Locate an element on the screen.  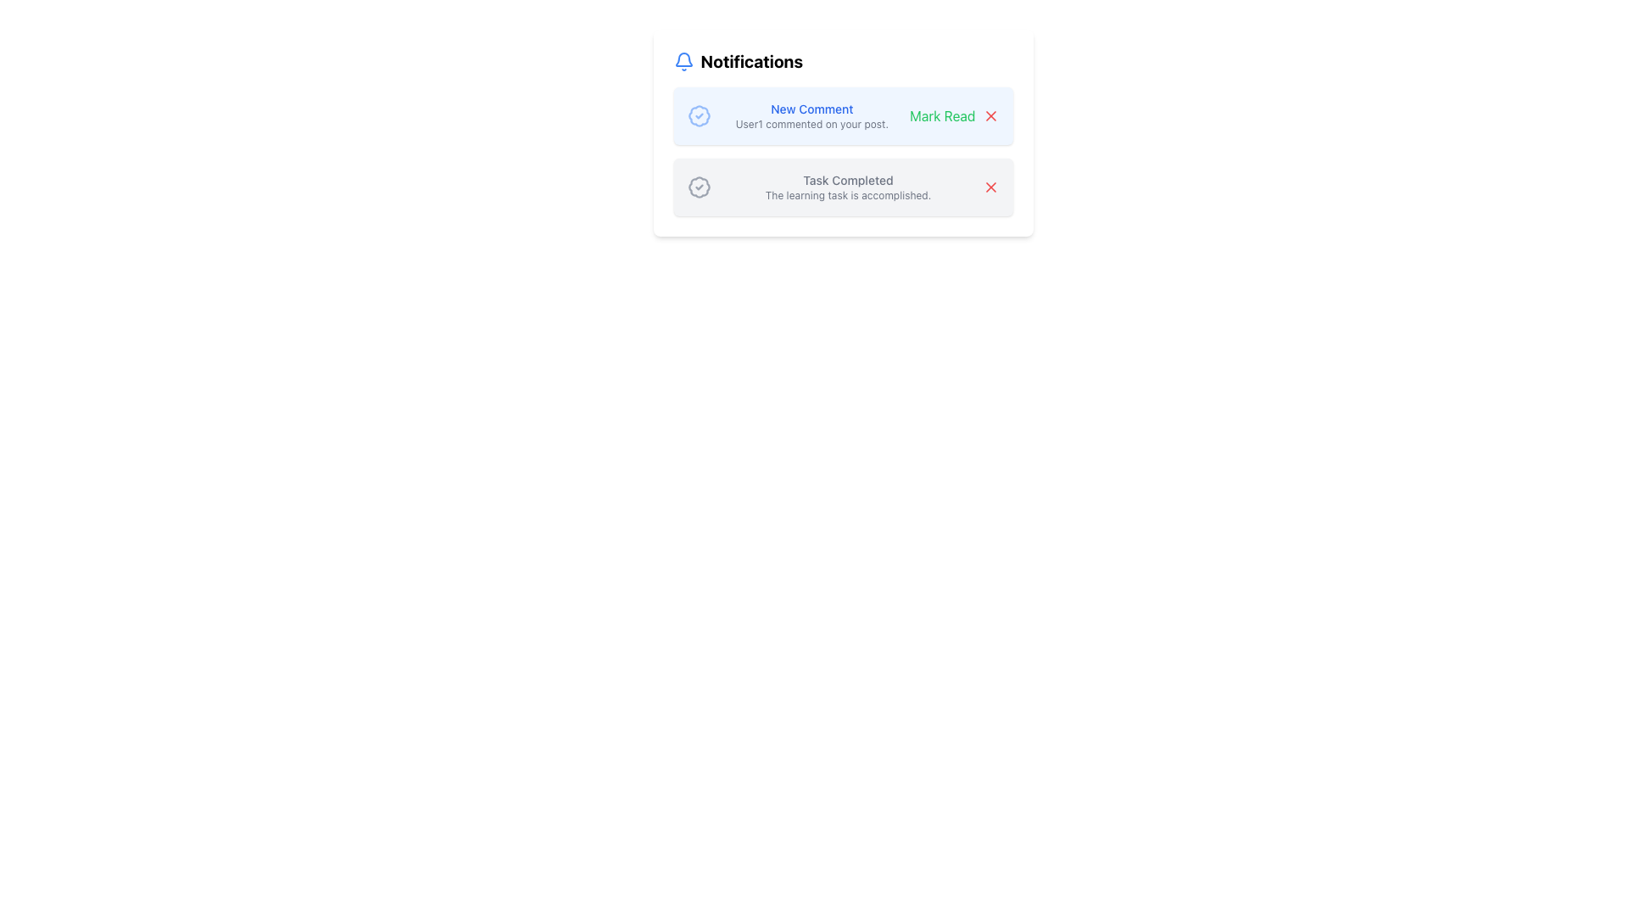
notification content displayed in the text block summarizing the notification type and context, which indicates a new comment from User1 is located at coordinates (811, 115).